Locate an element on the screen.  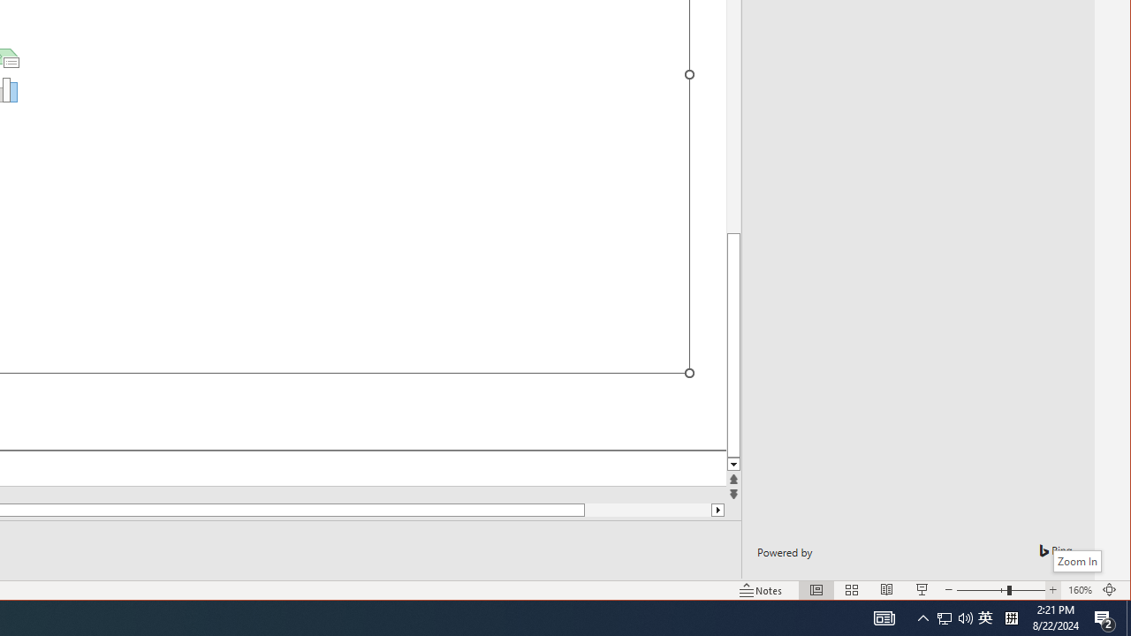
'Zoom 160%' is located at coordinates (1052, 590).